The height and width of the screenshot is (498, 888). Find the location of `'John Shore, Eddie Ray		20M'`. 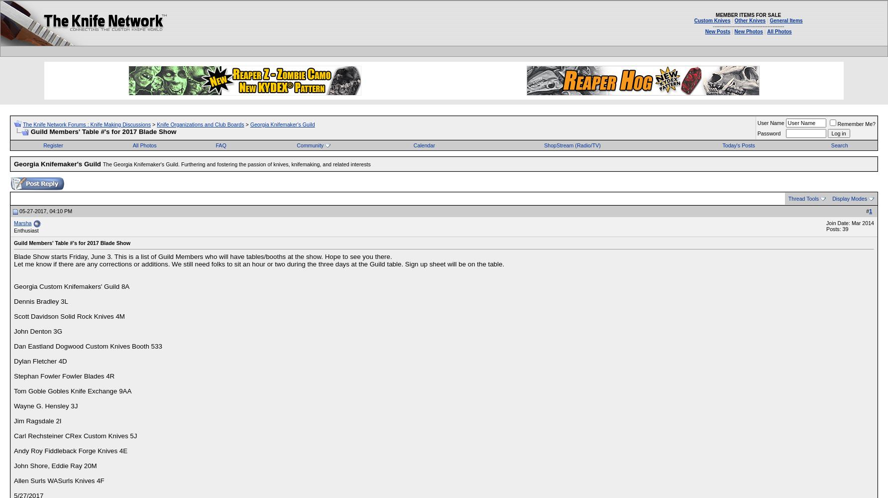

'John Shore, Eddie Ray		20M' is located at coordinates (55, 466).